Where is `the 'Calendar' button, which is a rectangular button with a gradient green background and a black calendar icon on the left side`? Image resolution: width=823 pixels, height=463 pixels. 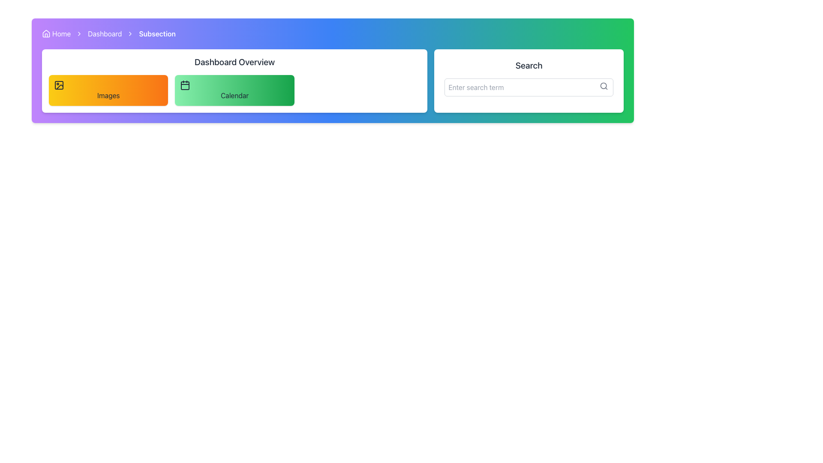 the 'Calendar' button, which is a rectangular button with a gradient green background and a black calendar icon on the left side is located at coordinates (234, 90).